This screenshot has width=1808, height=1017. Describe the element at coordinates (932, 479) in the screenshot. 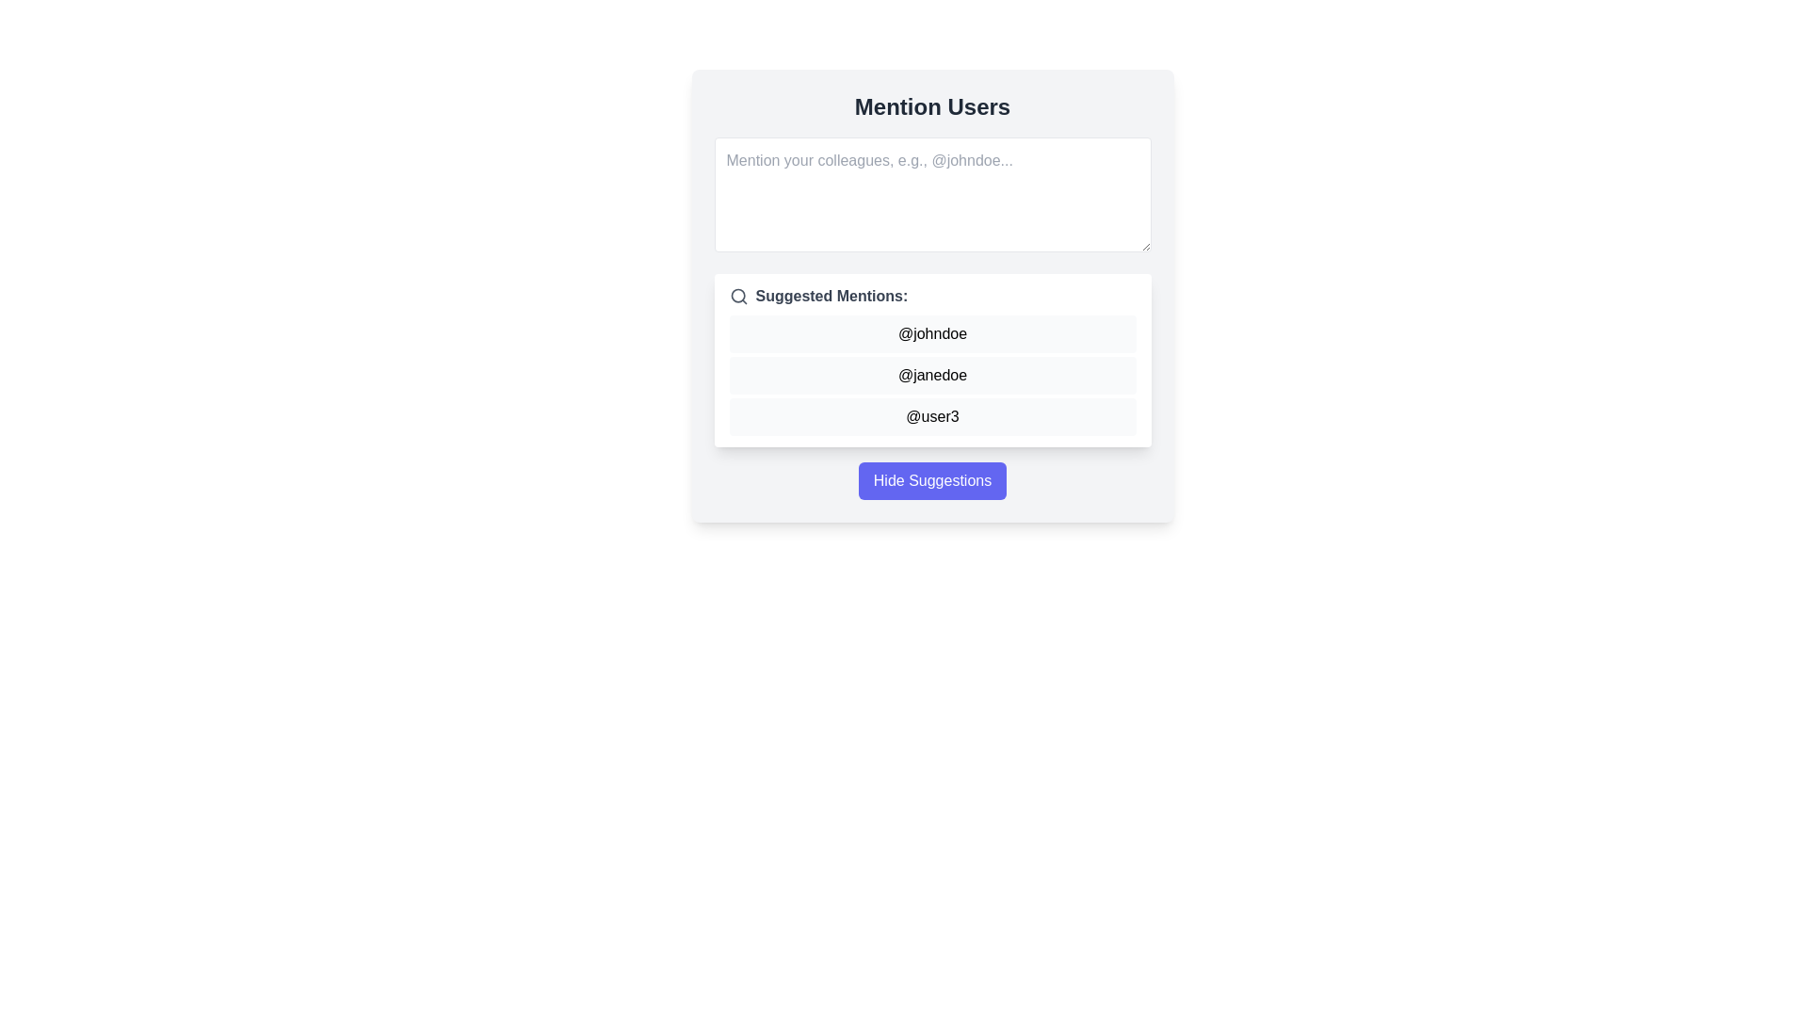

I see `the button located centrally below the list of suggested mentions to hide suggestions` at that location.